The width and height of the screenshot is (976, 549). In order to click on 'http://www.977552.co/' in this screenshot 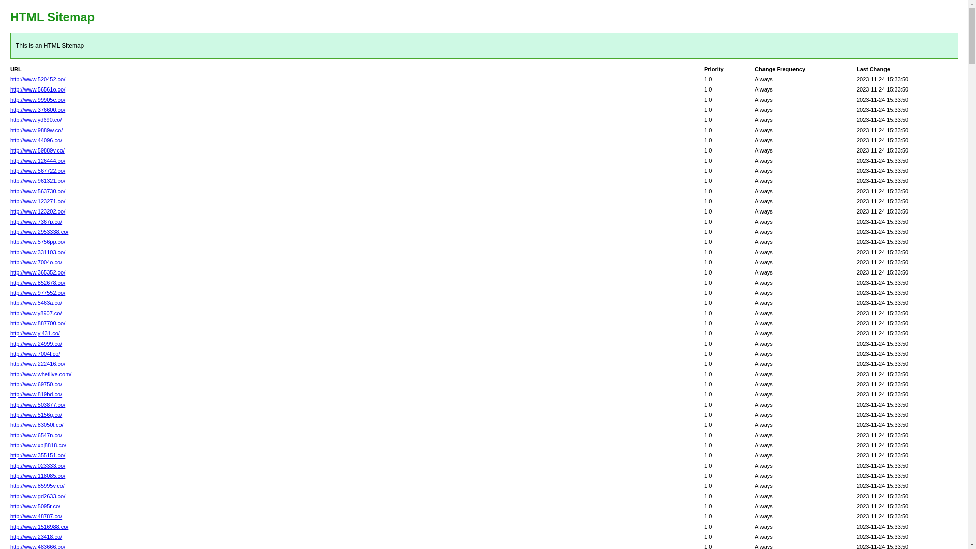, I will do `click(10, 292)`.